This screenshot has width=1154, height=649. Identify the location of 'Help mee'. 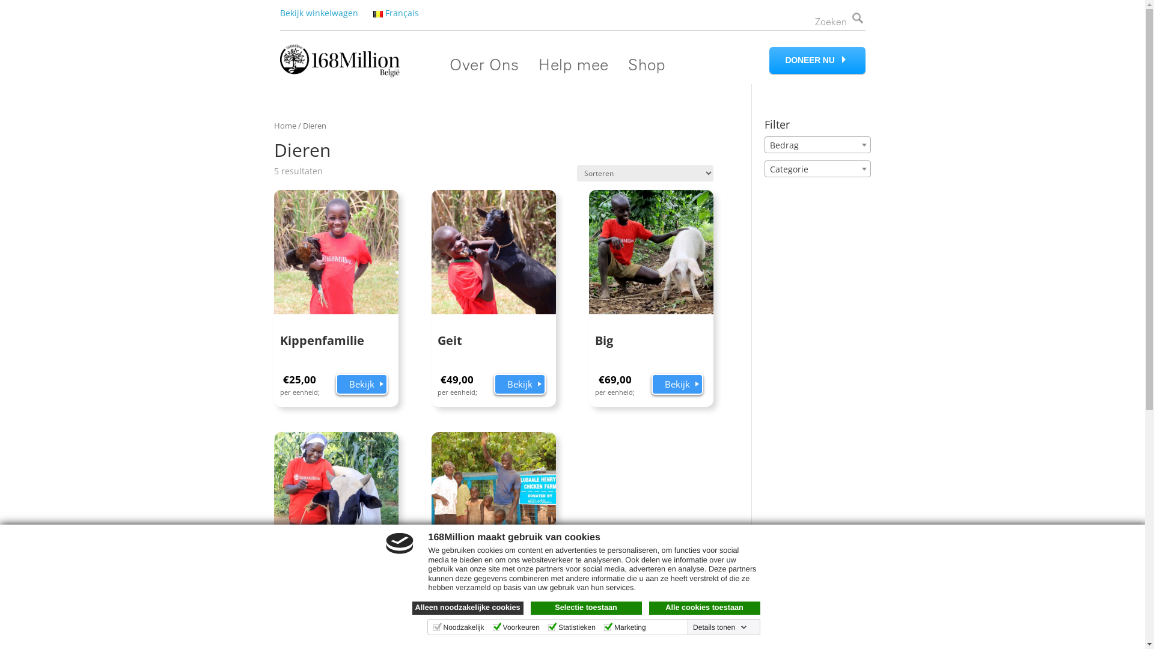
(573, 64).